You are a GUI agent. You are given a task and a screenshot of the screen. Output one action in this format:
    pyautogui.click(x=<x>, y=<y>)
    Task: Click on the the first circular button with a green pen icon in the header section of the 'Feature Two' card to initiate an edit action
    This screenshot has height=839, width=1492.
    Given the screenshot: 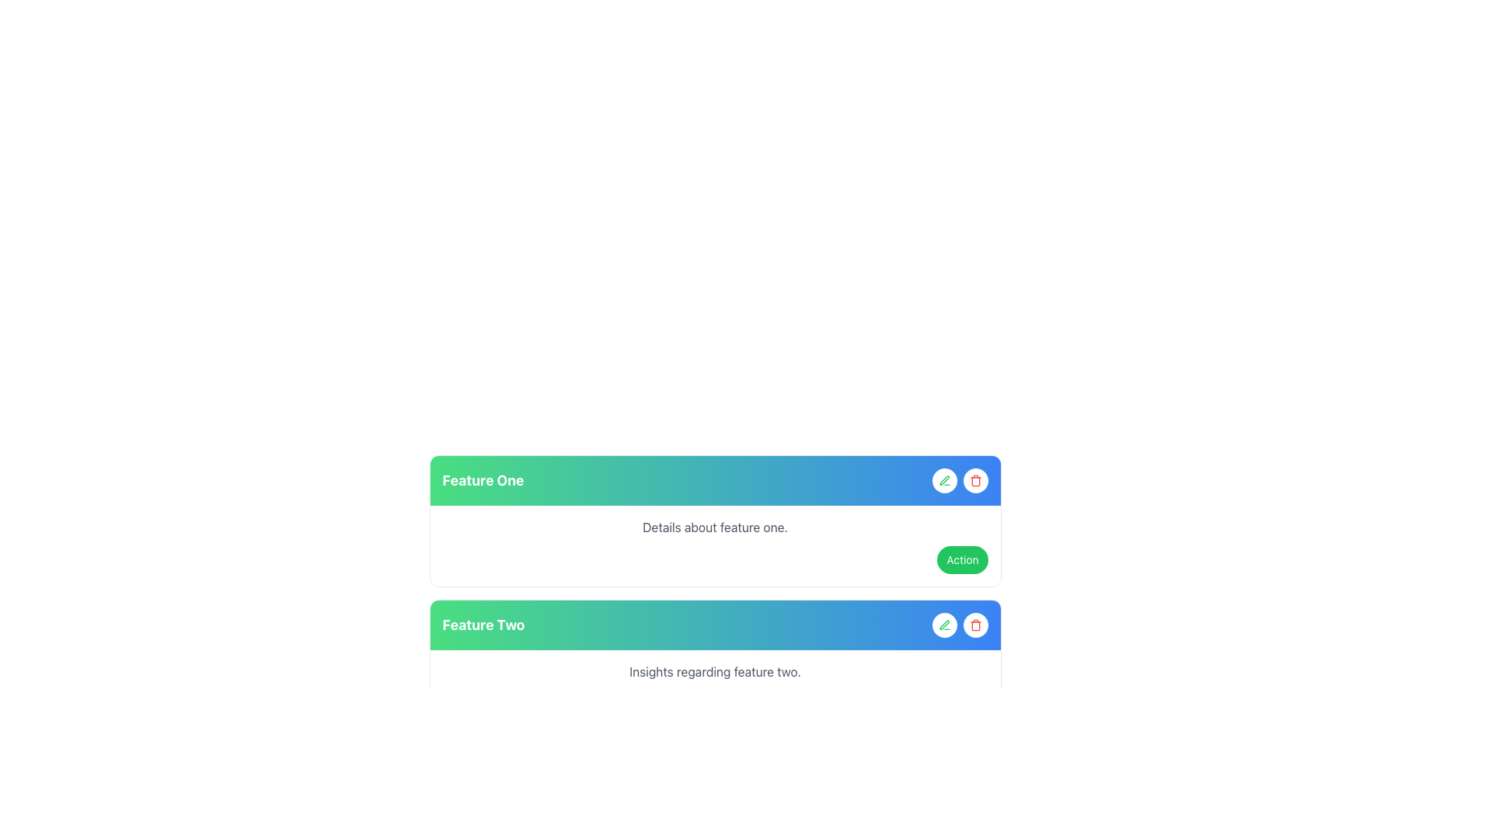 What is the action you would take?
    pyautogui.click(x=943, y=625)
    